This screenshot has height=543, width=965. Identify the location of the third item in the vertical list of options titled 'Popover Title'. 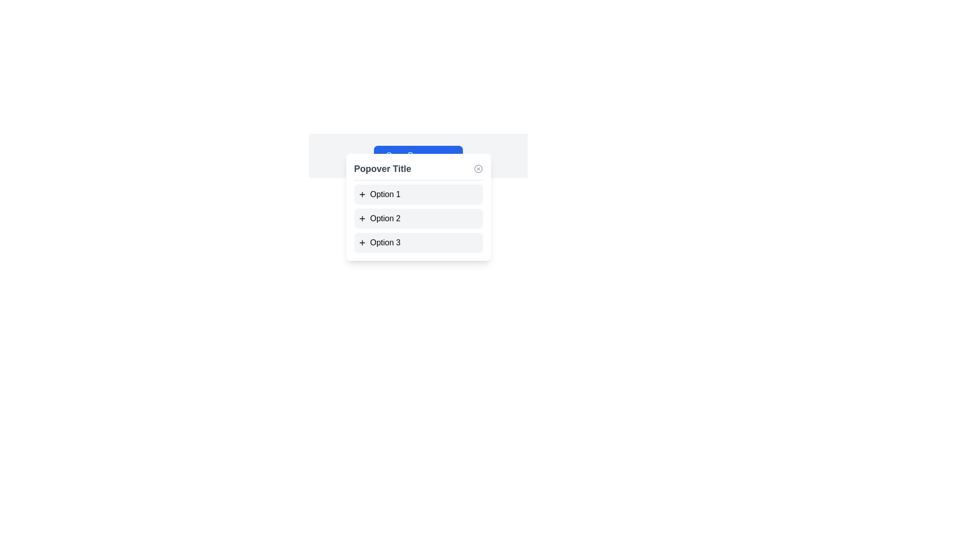
(418, 242).